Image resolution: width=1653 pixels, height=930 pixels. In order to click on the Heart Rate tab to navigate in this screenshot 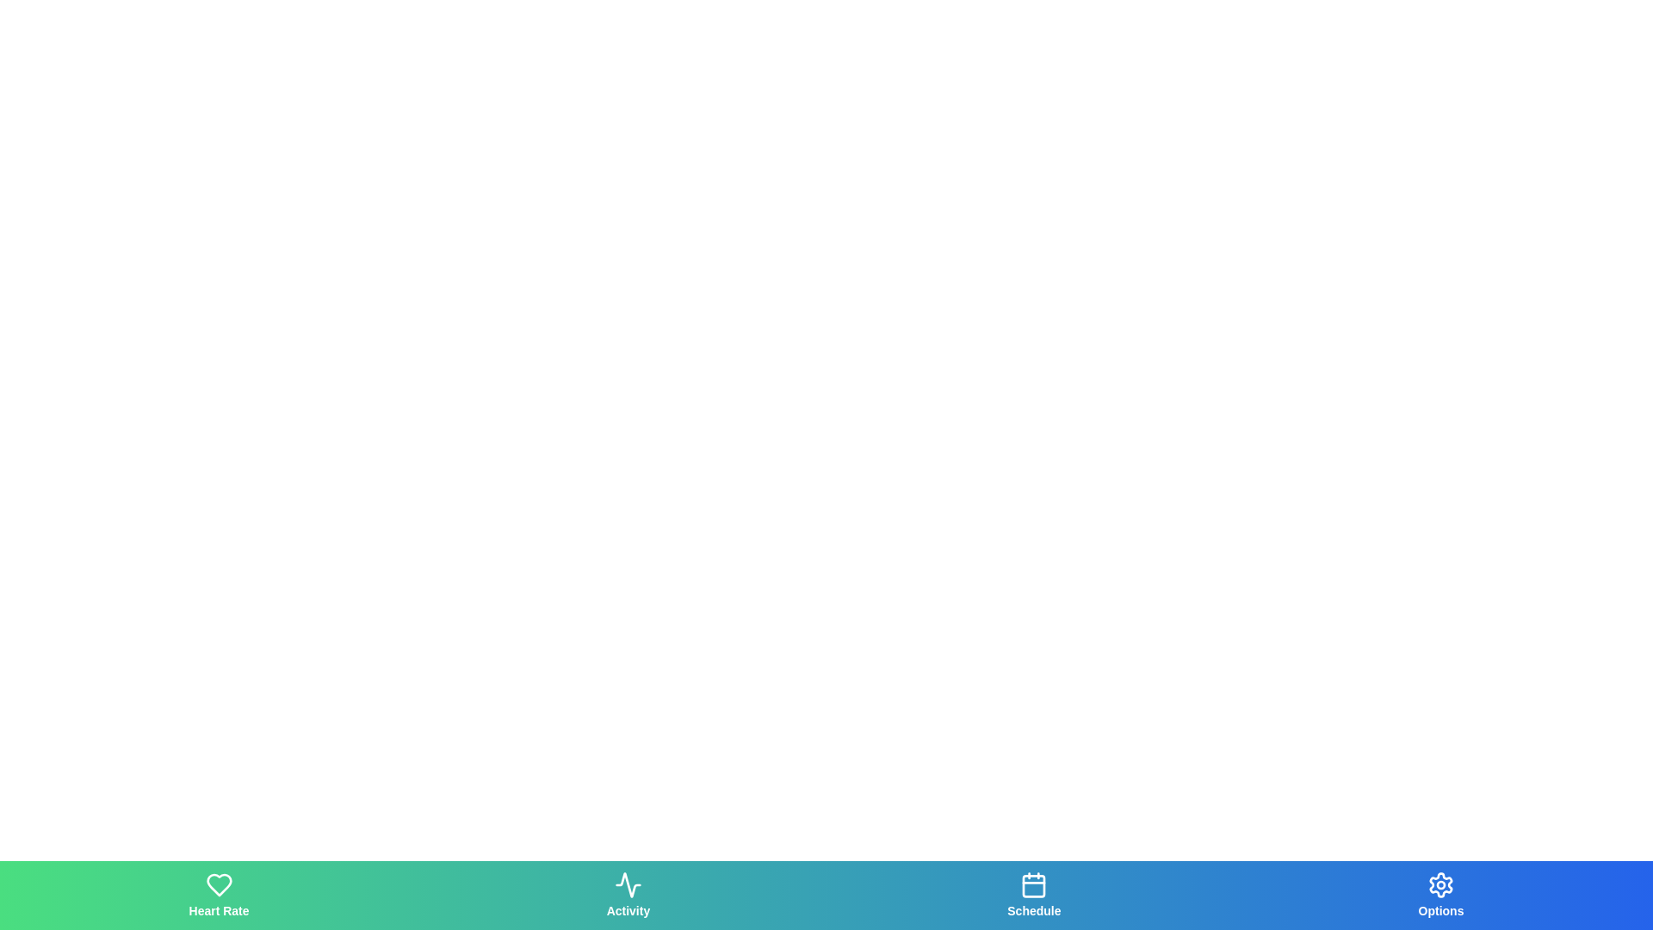, I will do `click(218, 895)`.